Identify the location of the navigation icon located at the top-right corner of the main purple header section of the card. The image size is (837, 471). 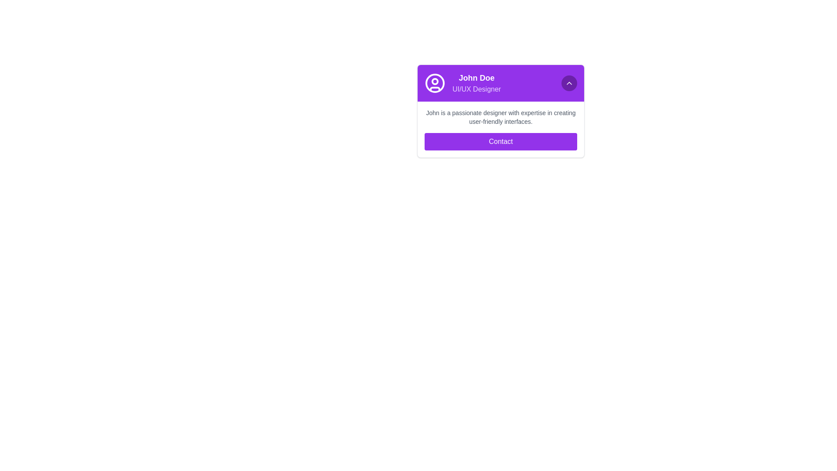
(569, 83).